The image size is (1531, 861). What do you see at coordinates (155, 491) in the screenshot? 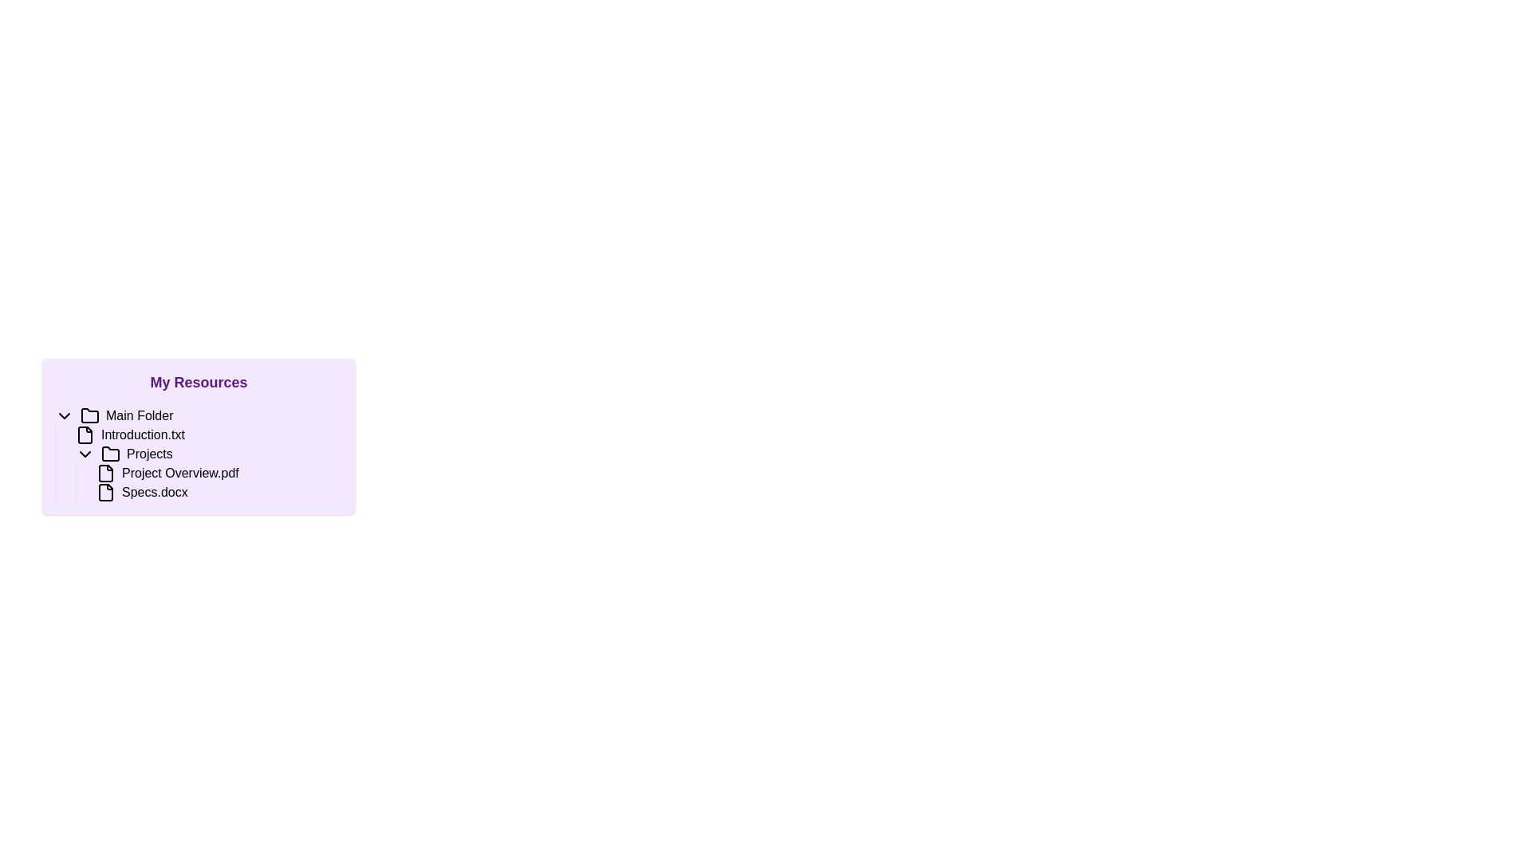
I see `the 'Specs.docx' label element` at bounding box center [155, 491].